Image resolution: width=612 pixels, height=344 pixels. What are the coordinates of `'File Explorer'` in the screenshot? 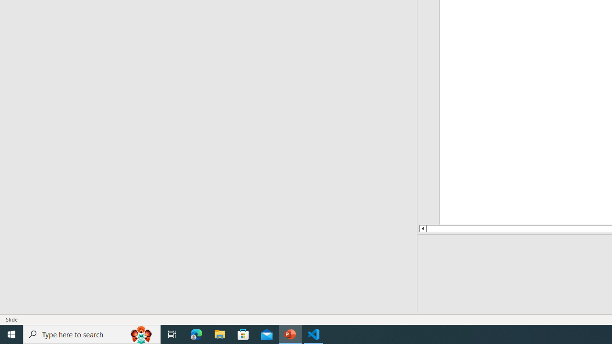 It's located at (219, 333).